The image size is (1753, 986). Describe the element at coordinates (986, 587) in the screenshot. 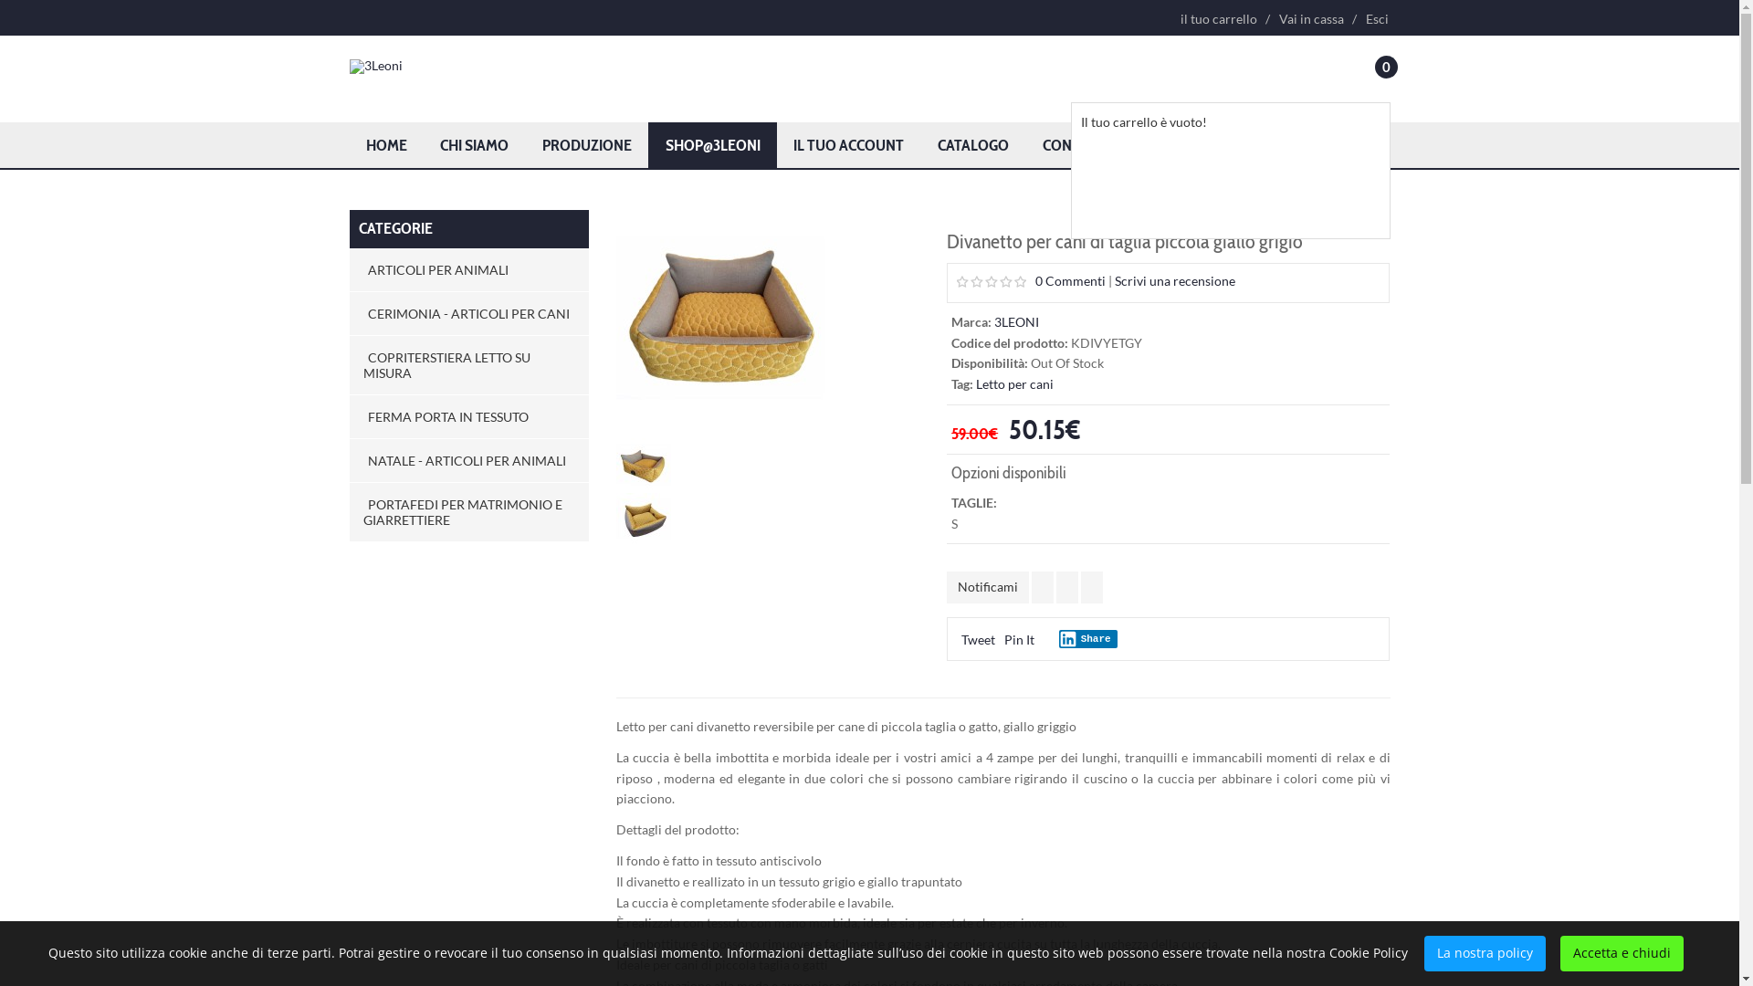

I see `'Notificami'` at that location.